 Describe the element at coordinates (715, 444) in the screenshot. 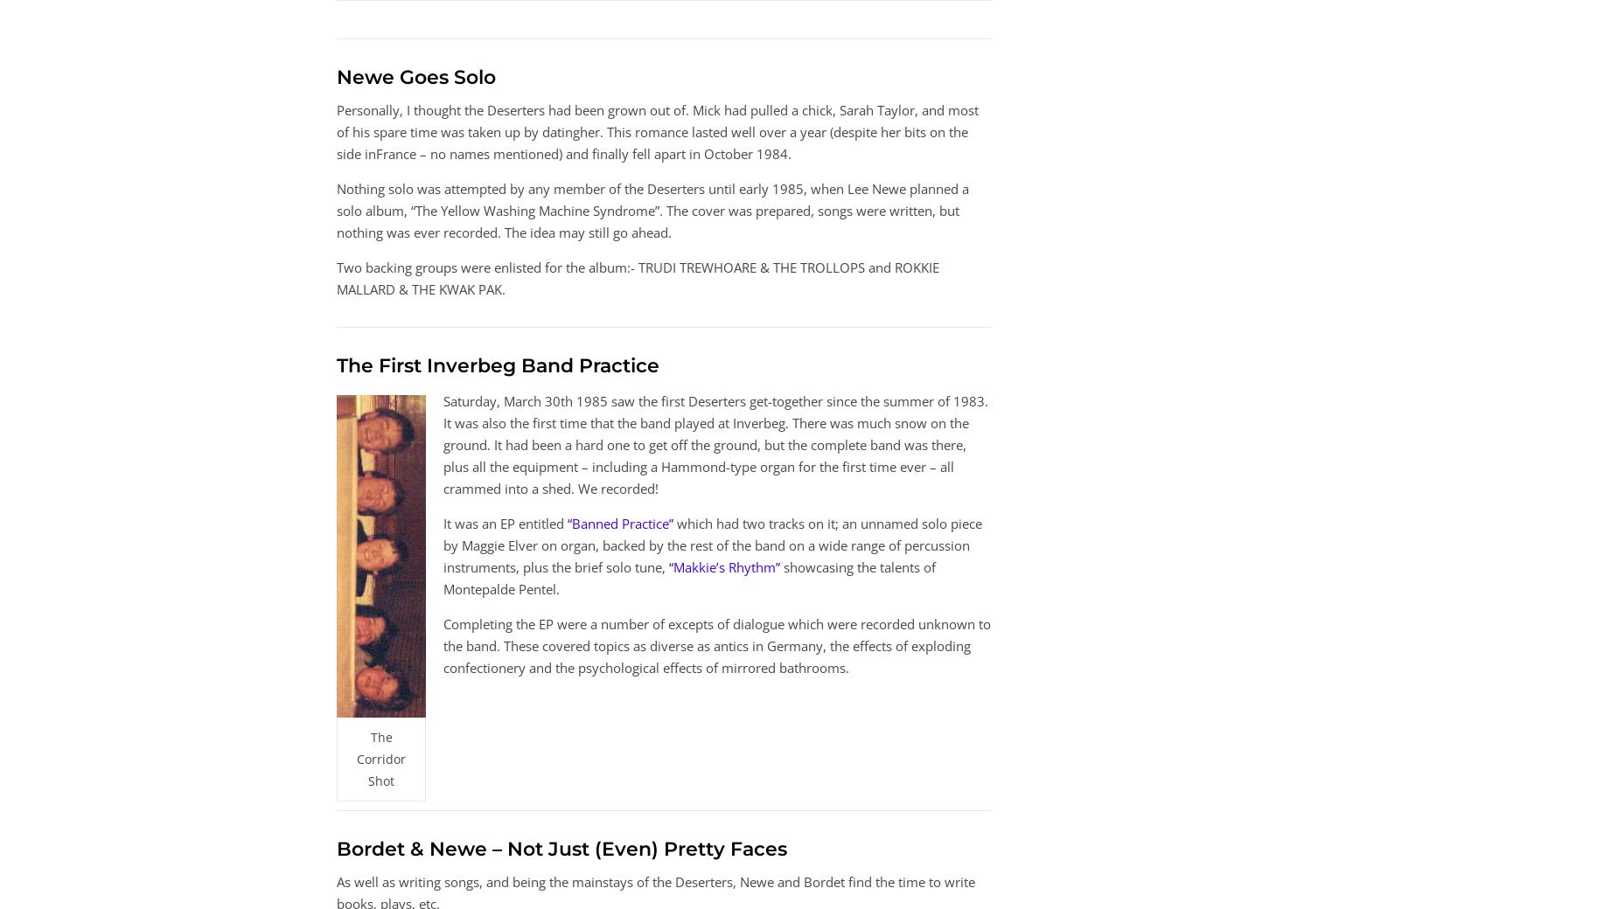

I see `'Saturday, March 30th 1985 saw the first Deserters get-together since the summer of 1983. It was also the first time that the band played at Inverbeg. There was much snow on the ground. It had been a hard one to get off the ground, but the complete band was there, plus all the equipment – including a Hammond-type organ for the first time ever – all crammed into a shed. We recorded!'` at that location.